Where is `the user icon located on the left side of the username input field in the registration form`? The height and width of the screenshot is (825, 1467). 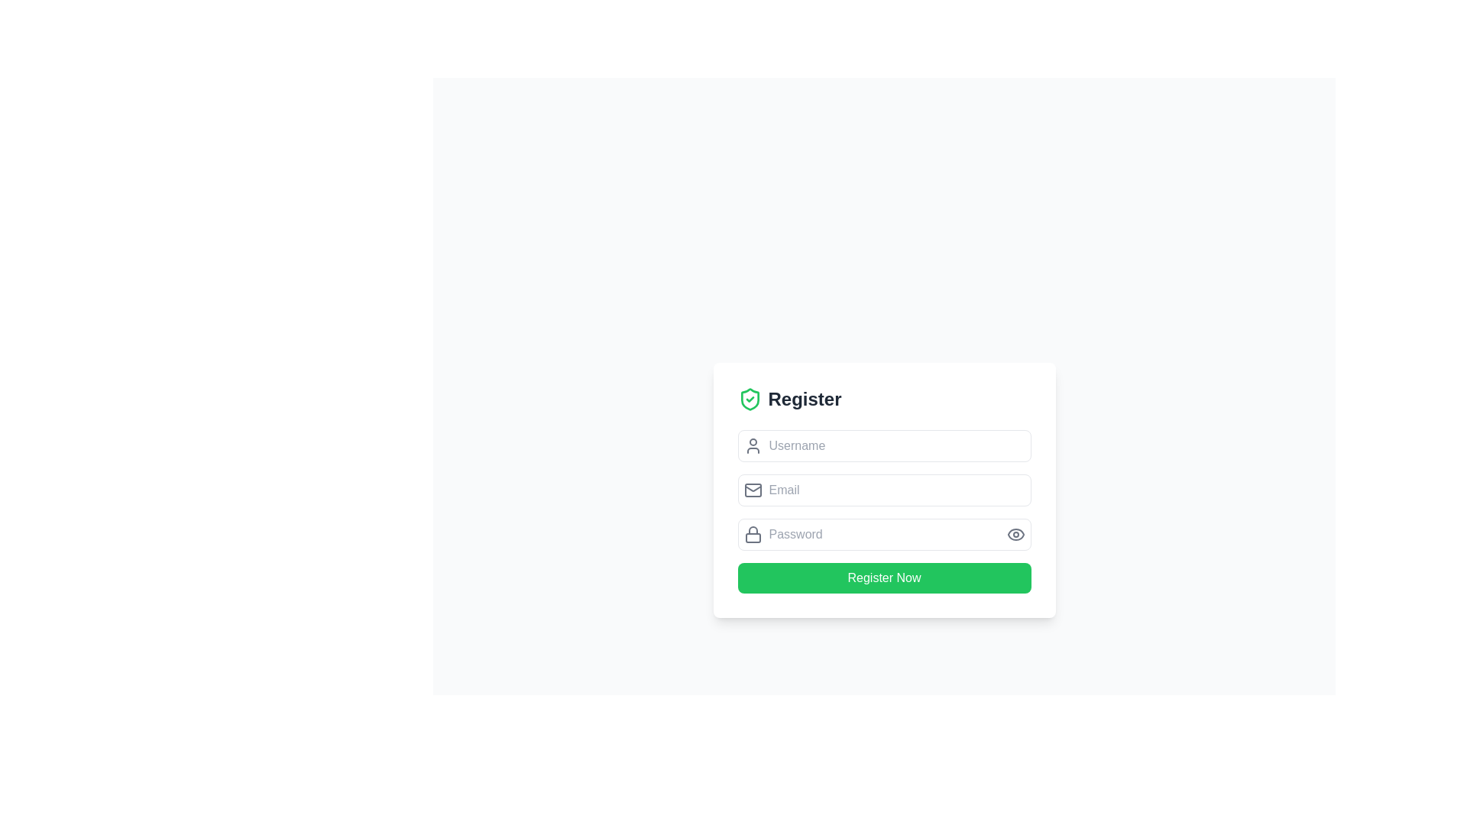 the user icon located on the left side of the username input field in the registration form is located at coordinates (753, 445).